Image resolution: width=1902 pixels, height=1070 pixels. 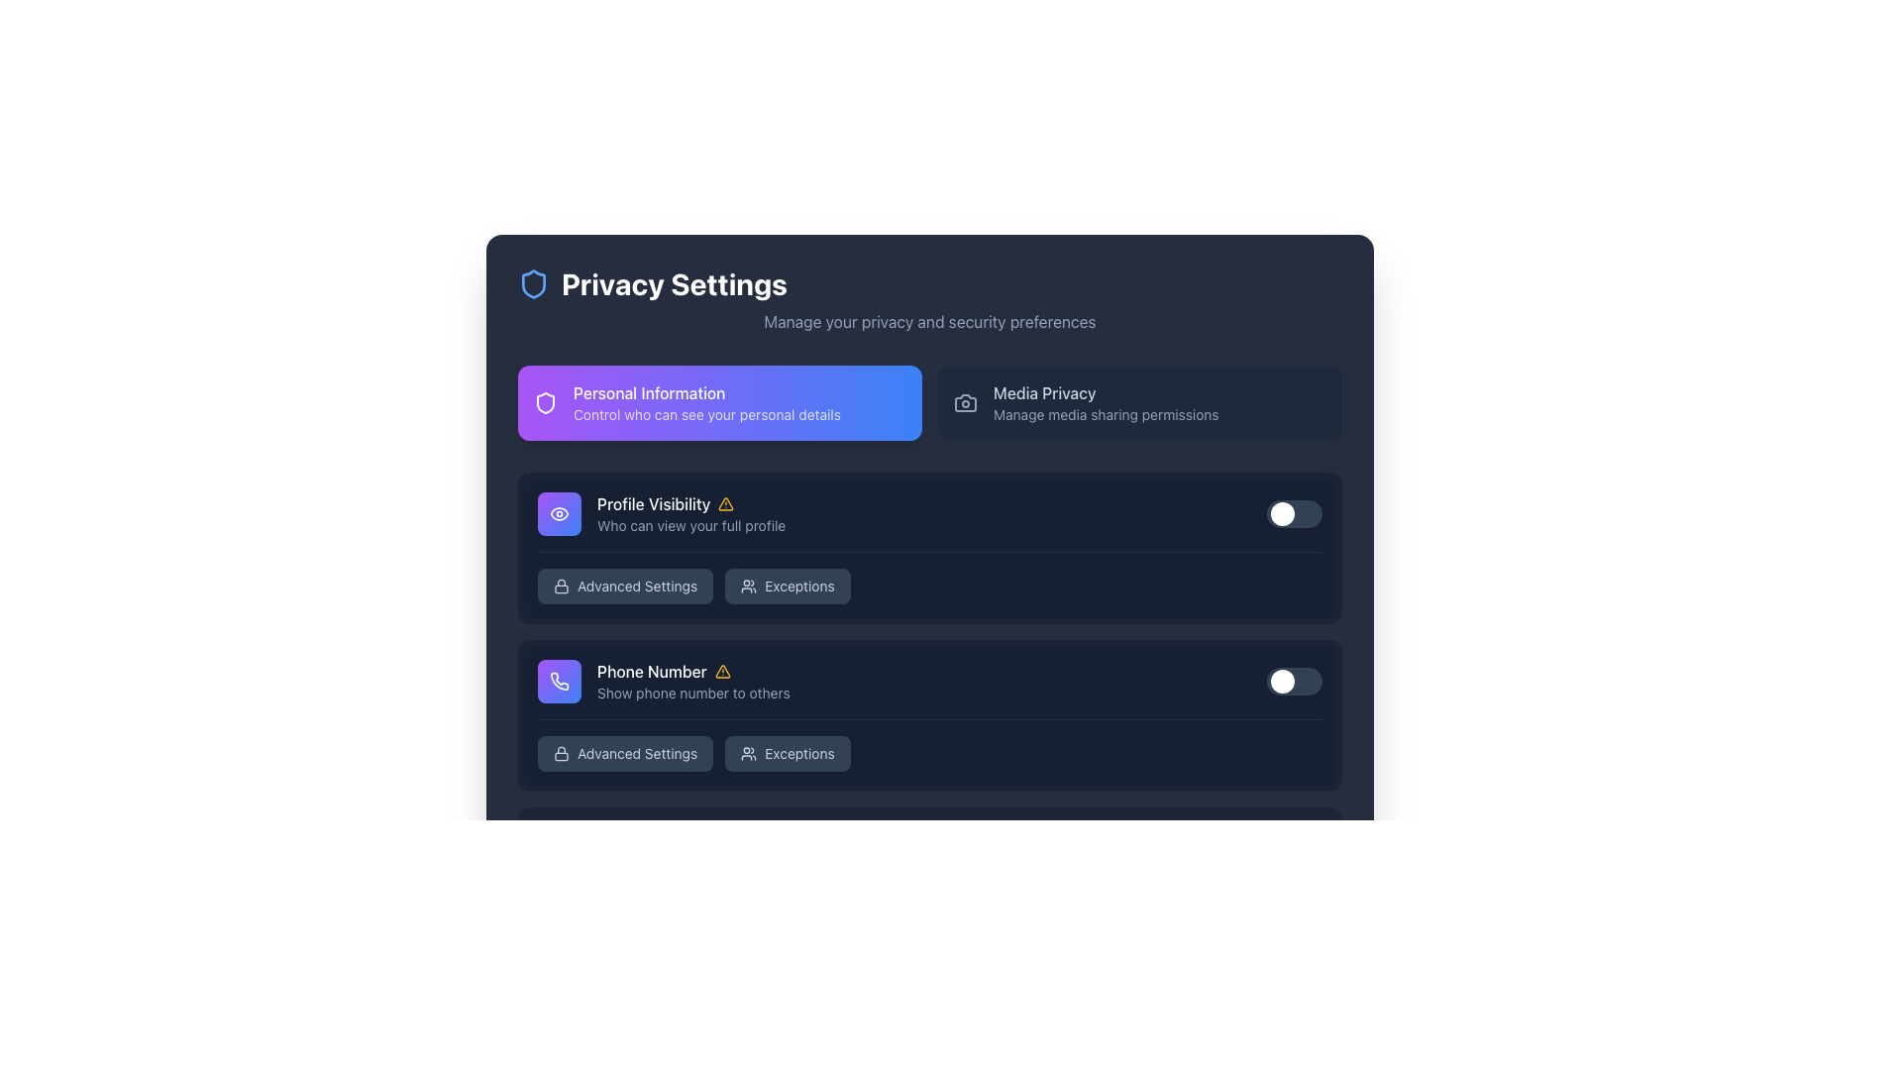 What do you see at coordinates (691, 503) in the screenshot?
I see `the Text Label indicating privacy settings related to profile visibility, located in the 'Privacy Settings' section beneath 'Personal Information'` at bounding box center [691, 503].